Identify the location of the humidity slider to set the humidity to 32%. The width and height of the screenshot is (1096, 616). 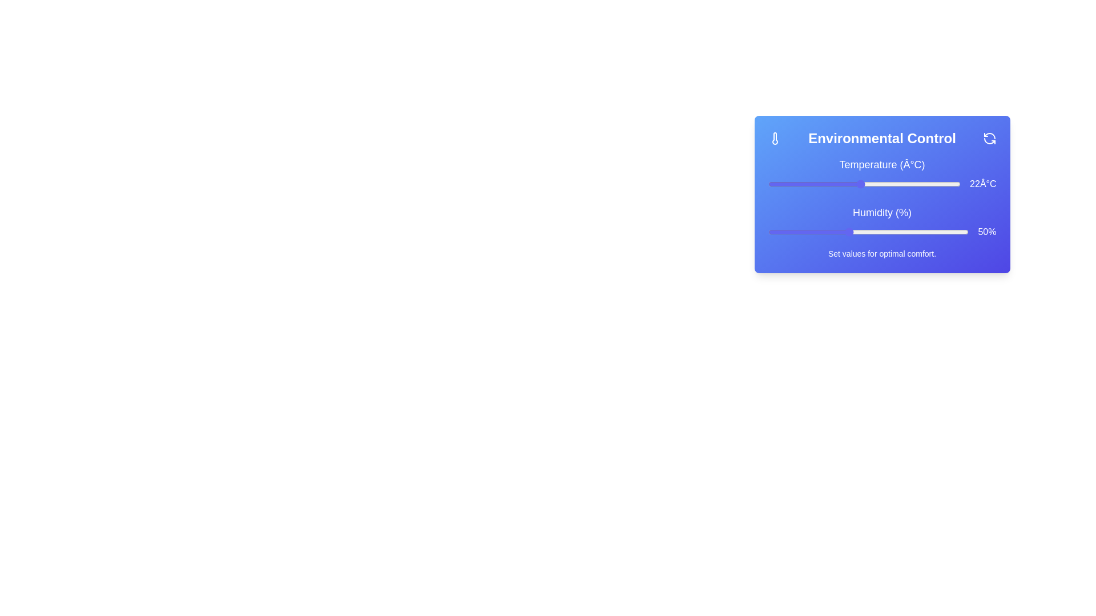
(776, 232).